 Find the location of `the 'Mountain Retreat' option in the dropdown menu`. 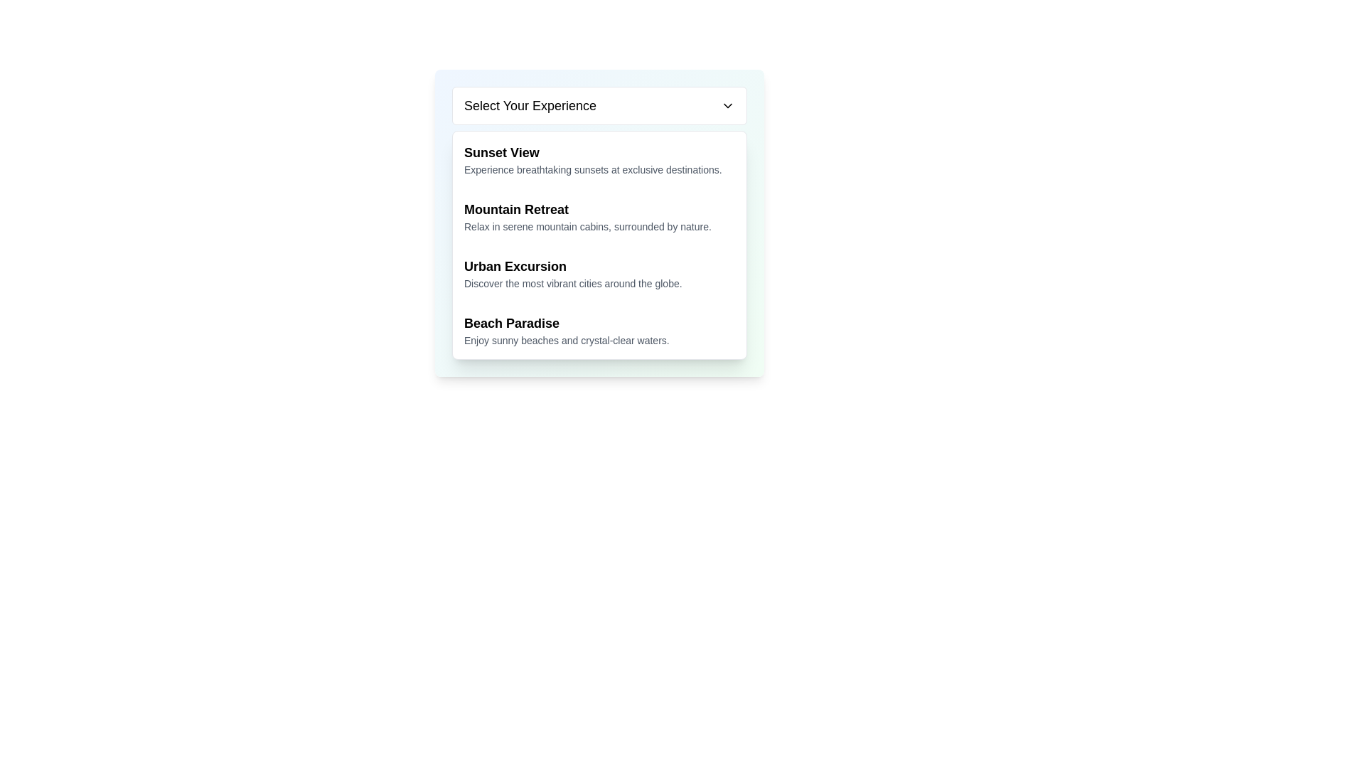

the 'Mountain Retreat' option in the dropdown menu is located at coordinates (599, 216).